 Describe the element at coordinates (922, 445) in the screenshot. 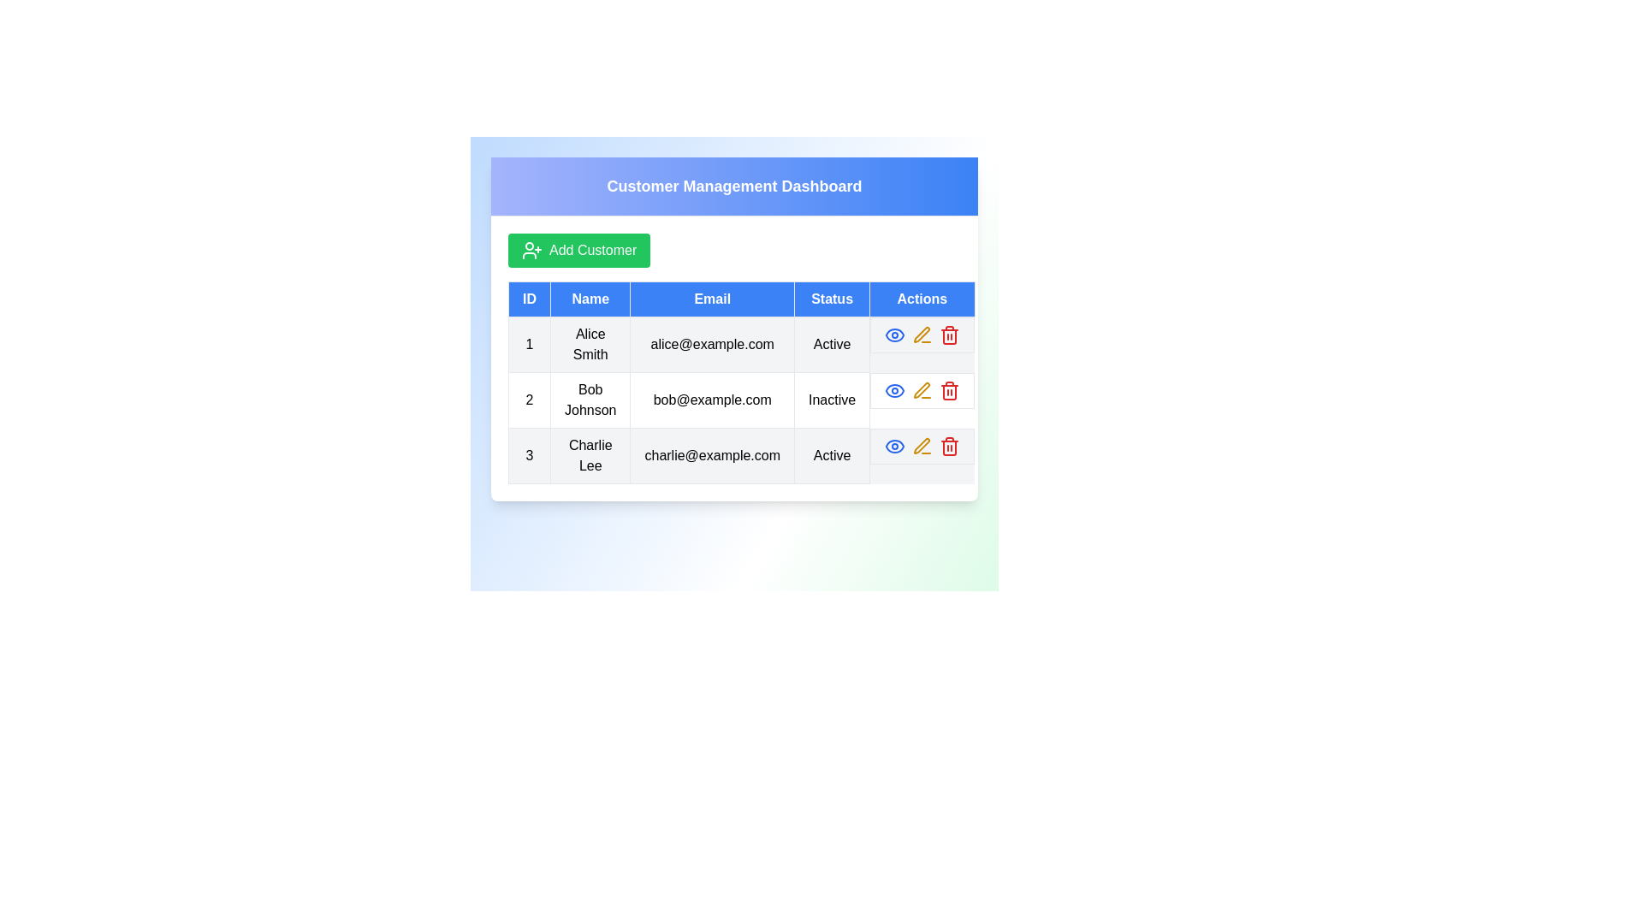

I see `the 'Edit' icon for the customer with ID 3` at that location.